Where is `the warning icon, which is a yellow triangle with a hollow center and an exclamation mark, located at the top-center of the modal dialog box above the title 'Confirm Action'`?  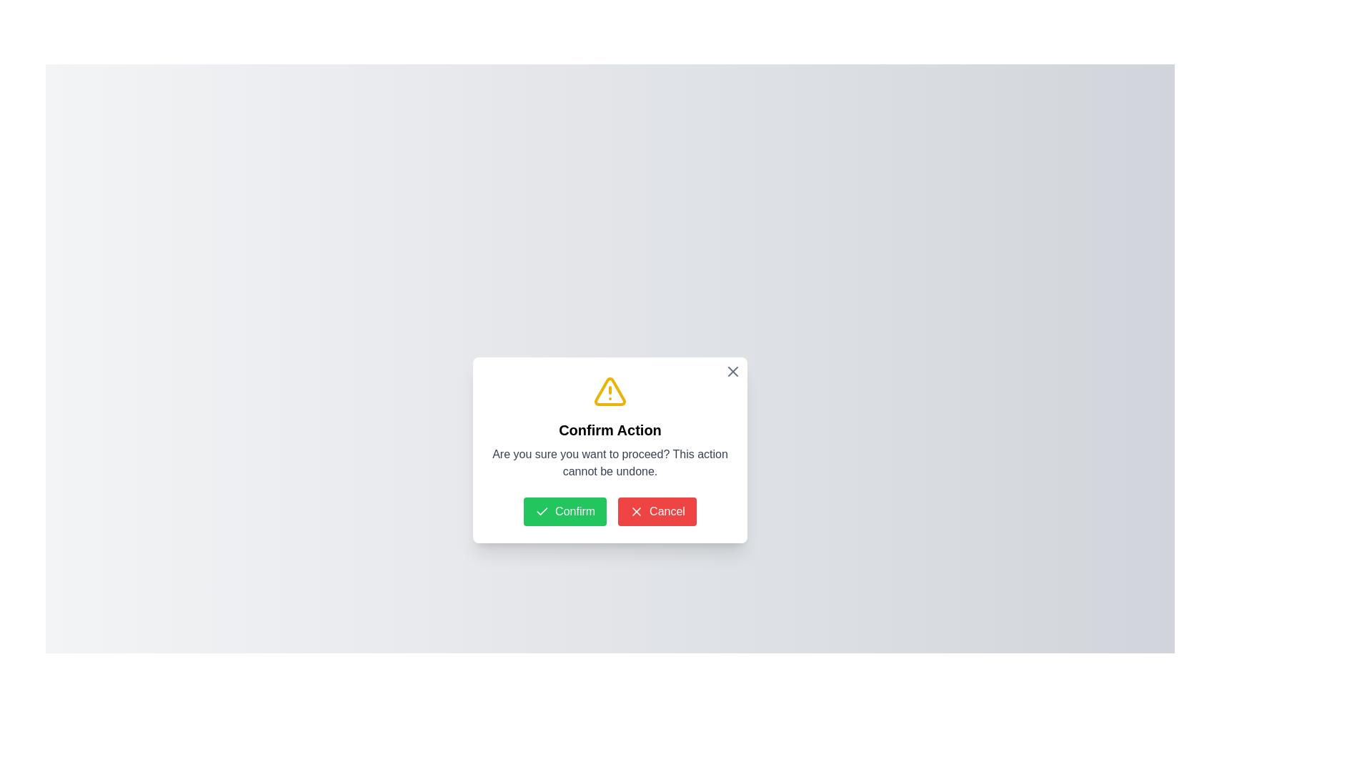
the warning icon, which is a yellow triangle with a hollow center and an exclamation mark, located at the top-center of the modal dialog box above the title 'Confirm Action' is located at coordinates (610, 391).